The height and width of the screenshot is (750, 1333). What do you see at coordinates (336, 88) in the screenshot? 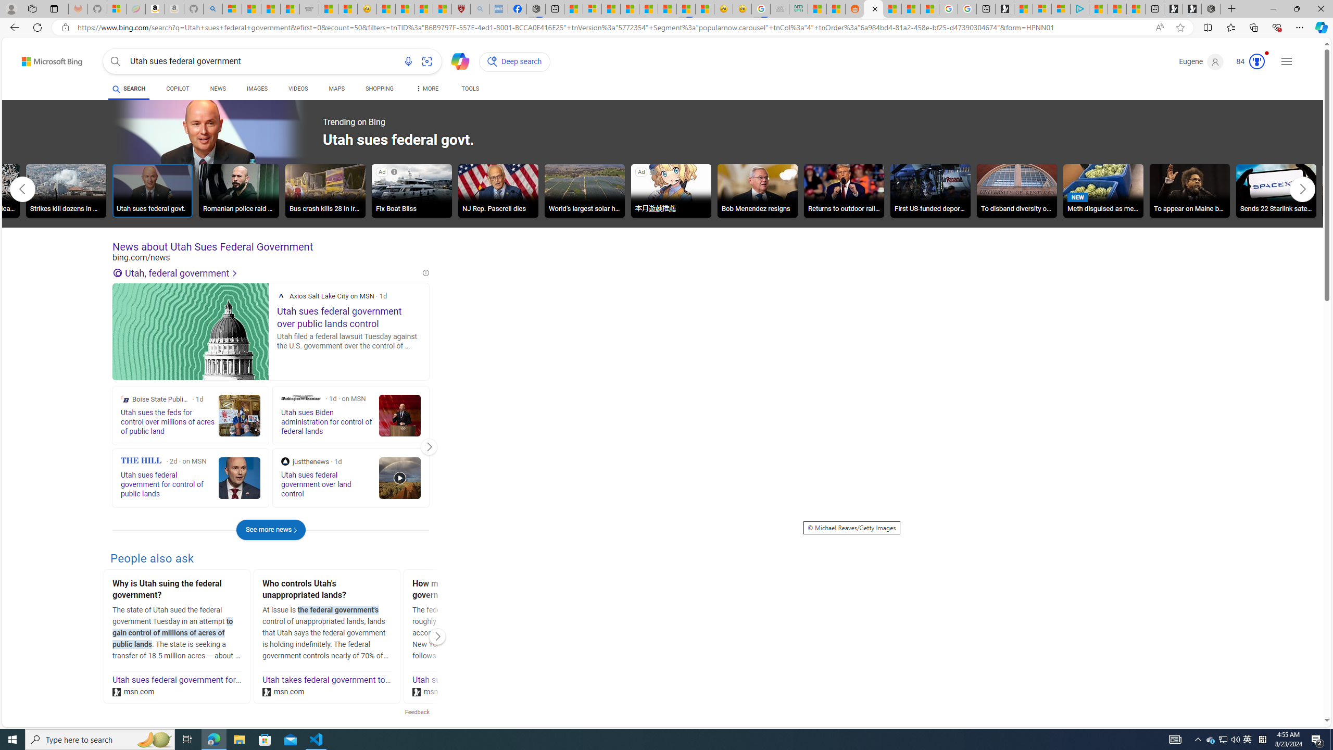
I see `'MAPS'` at bounding box center [336, 88].